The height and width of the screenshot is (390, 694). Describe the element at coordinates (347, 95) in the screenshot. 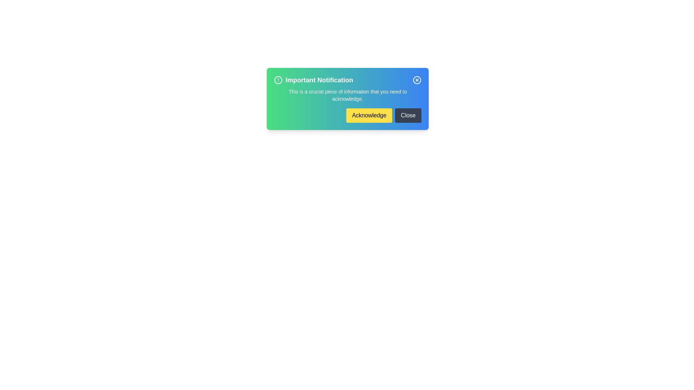

I see `text content displayed in the notification dialog box below the title 'Important Notification'` at that location.